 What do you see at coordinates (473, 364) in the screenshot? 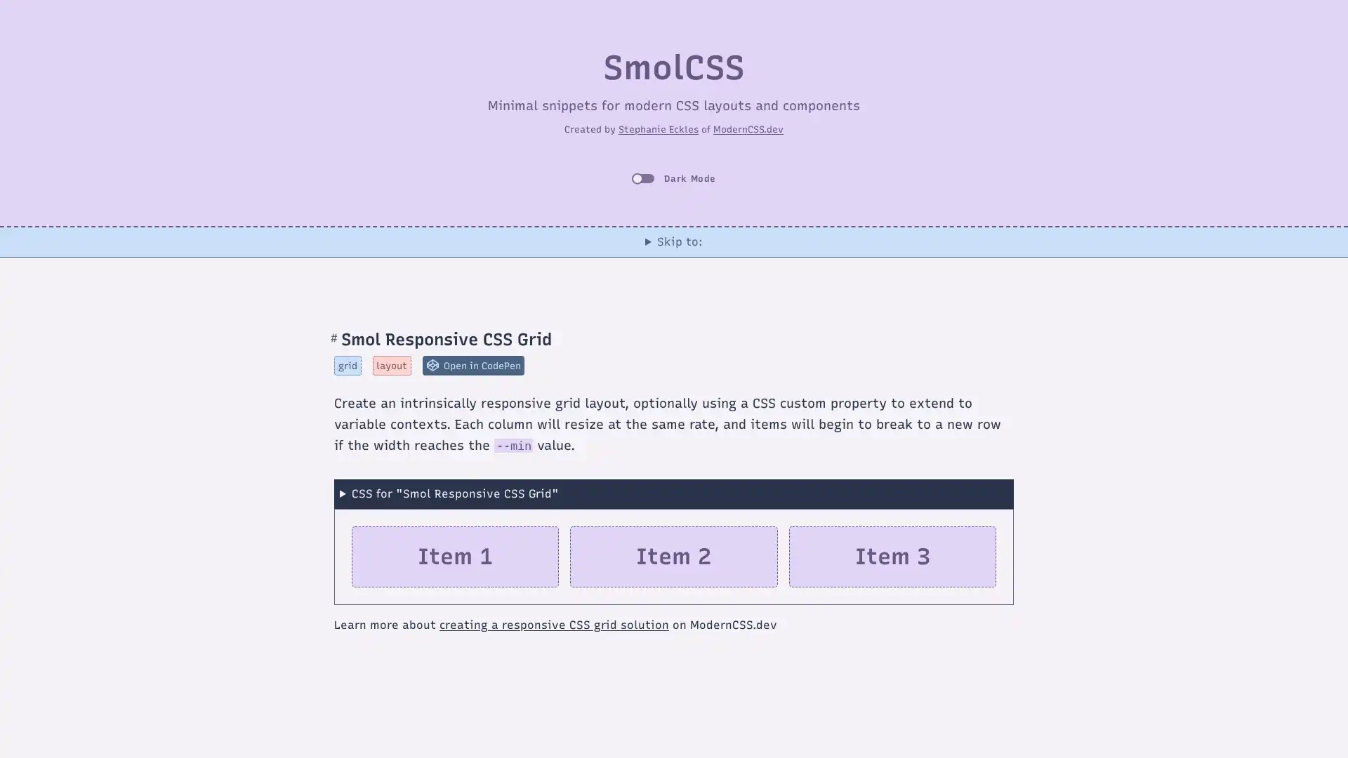
I see `Open Smol Responsive CSS Grid in CodePen` at bounding box center [473, 364].